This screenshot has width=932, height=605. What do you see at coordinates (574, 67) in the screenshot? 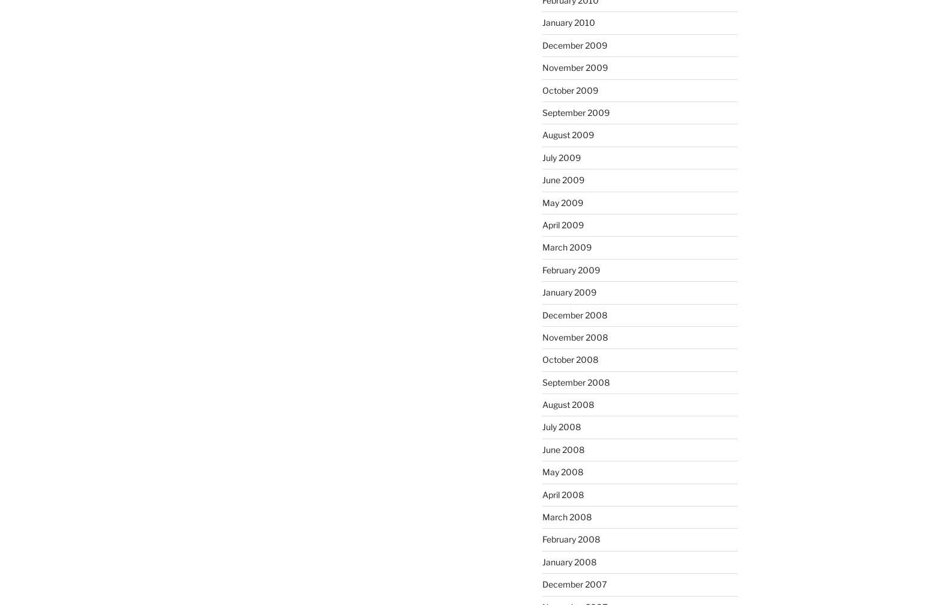
I see `'November 2009'` at bounding box center [574, 67].